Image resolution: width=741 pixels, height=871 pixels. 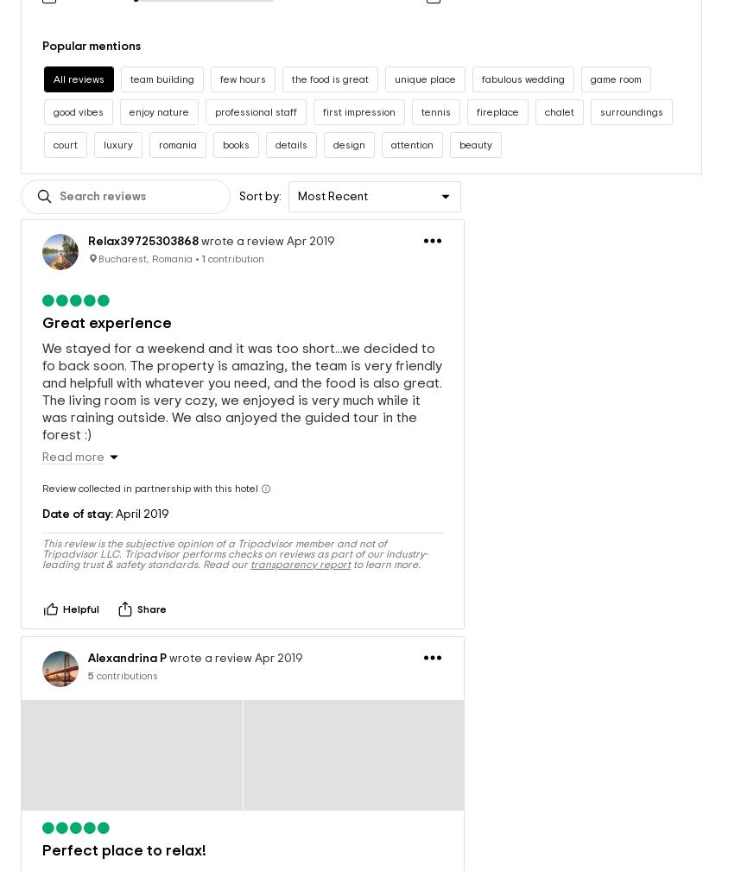 I want to click on 'details', so click(x=290, y=126).